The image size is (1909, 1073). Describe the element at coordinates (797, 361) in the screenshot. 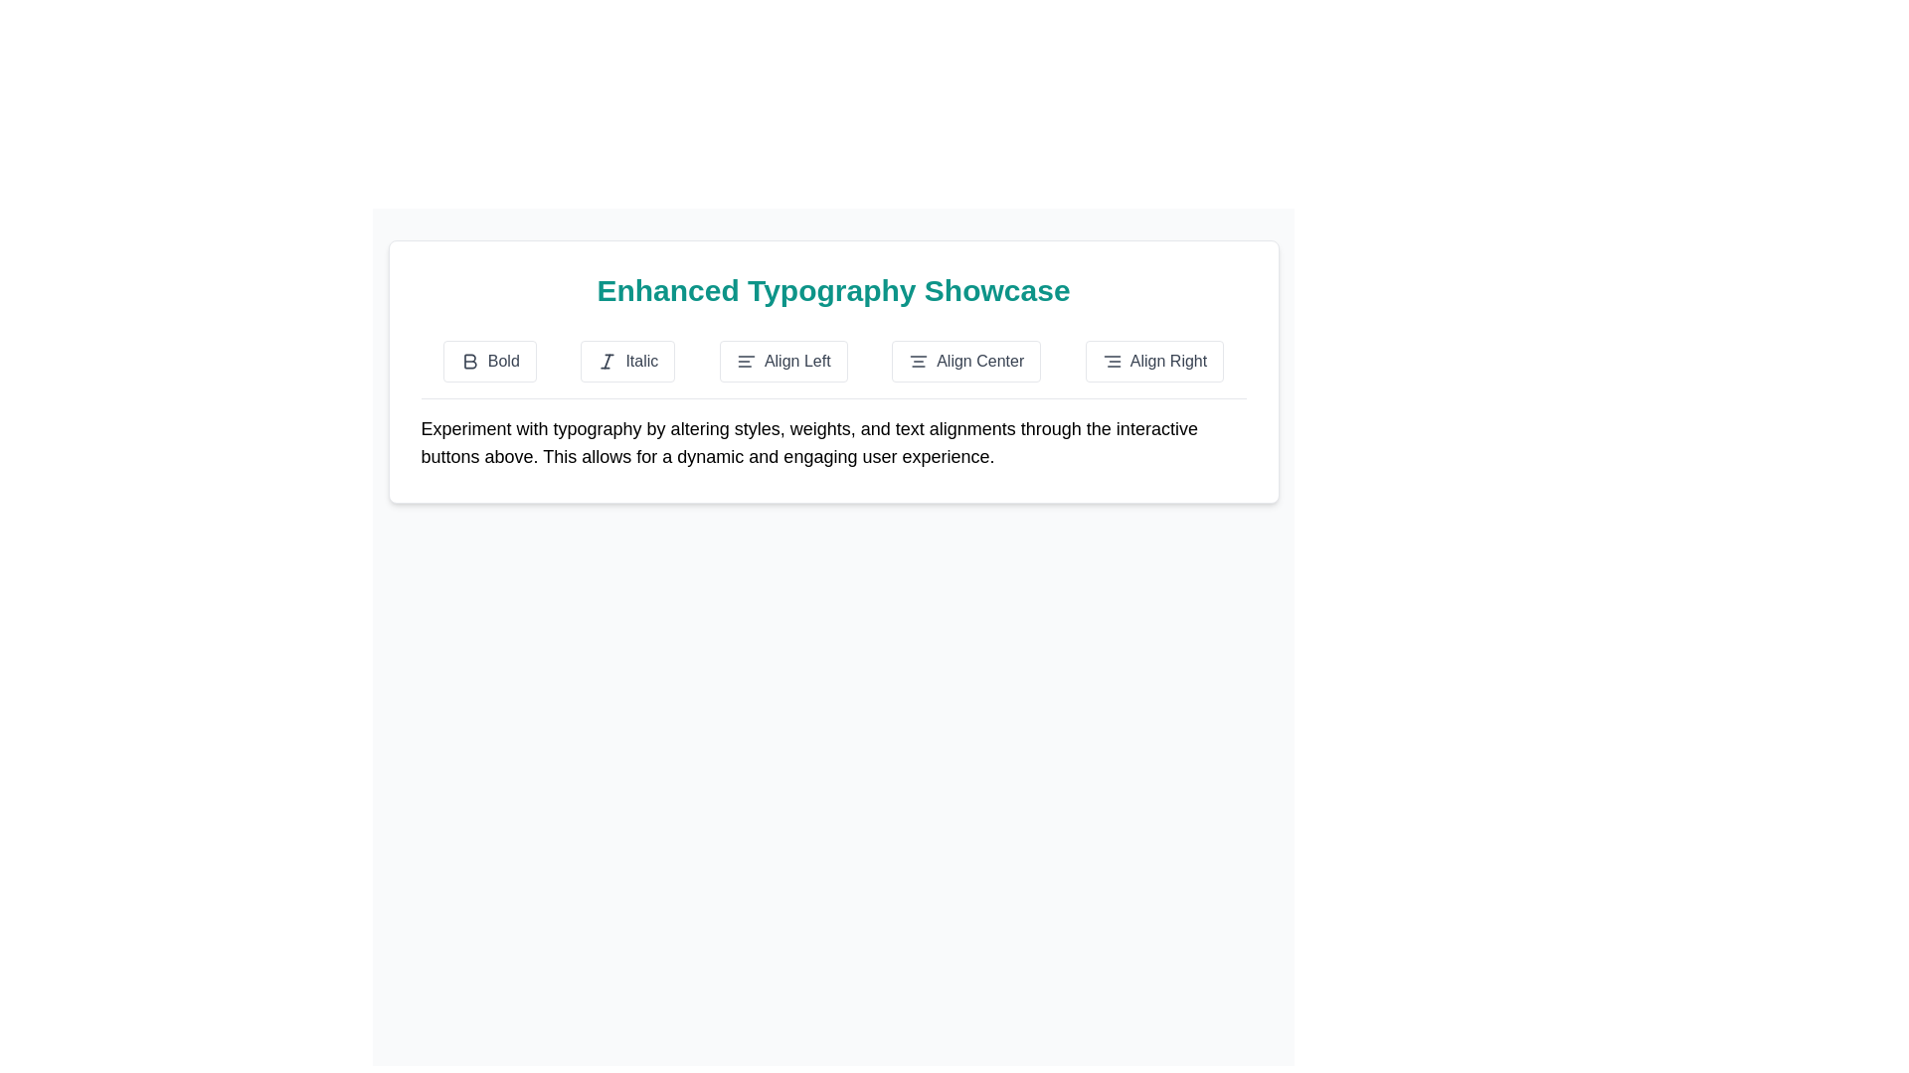

I see `the text label that reads 'Align Left', which is styled with a typical UI font and positioned among alignment tools` at that location.